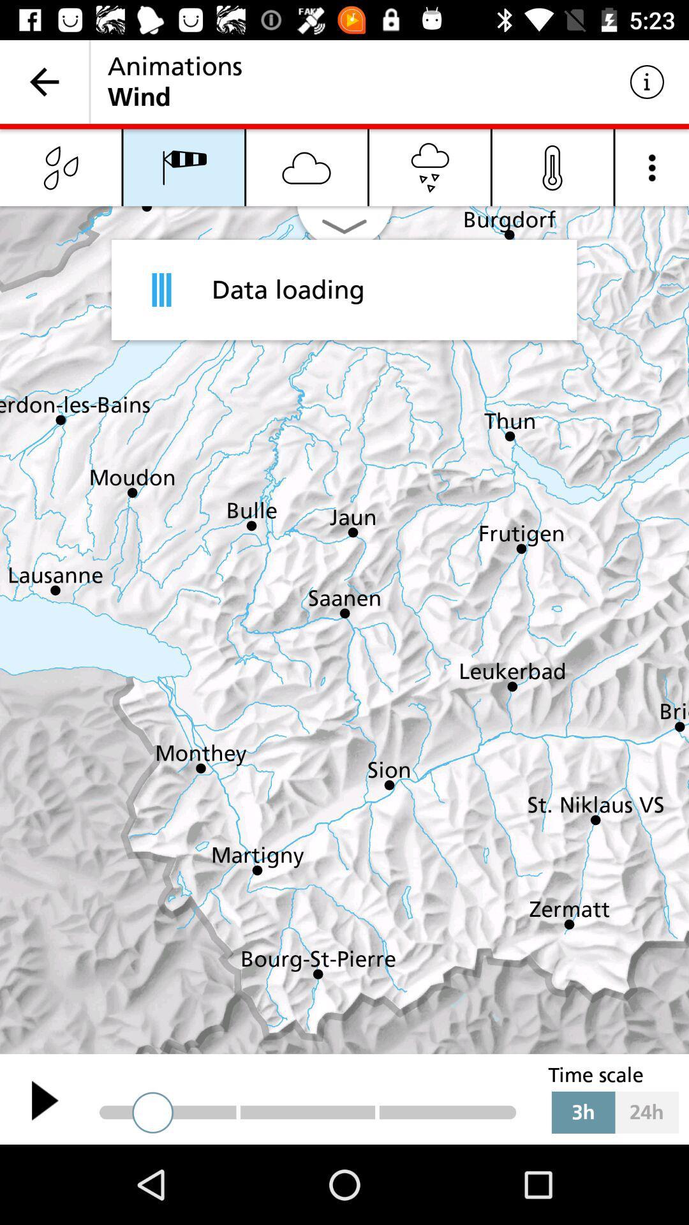 The image size is (689, 1225). What do you see at coordinates (344, 232) in the screenshot?
I see `the expand_more icon` at bounding box center [344, 232].